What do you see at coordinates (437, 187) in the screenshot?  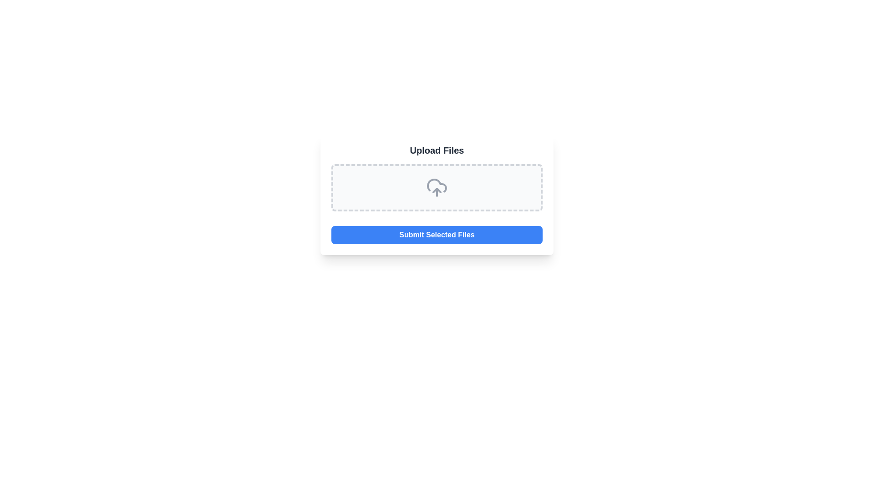 I see `the drag-and-drop file upload area located centrally below the text 'Upload Files' and above the 'Submit Selected Files' button` at bounding box center [437, 187].